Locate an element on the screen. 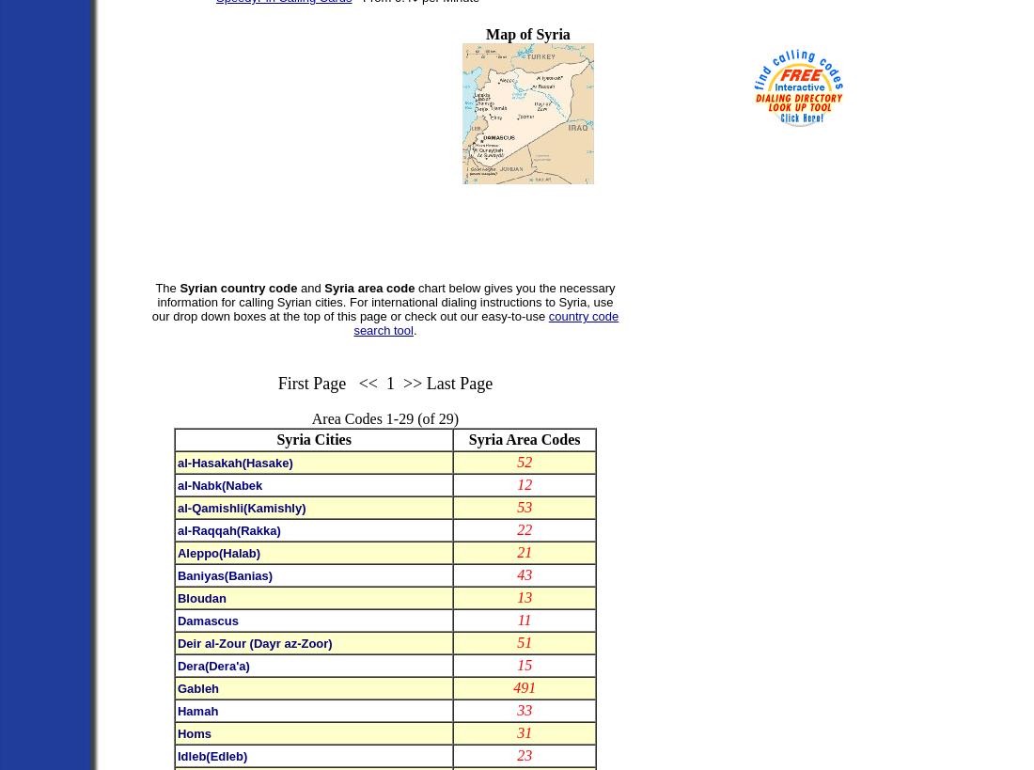  '51' is located at coordinates (524, 642).